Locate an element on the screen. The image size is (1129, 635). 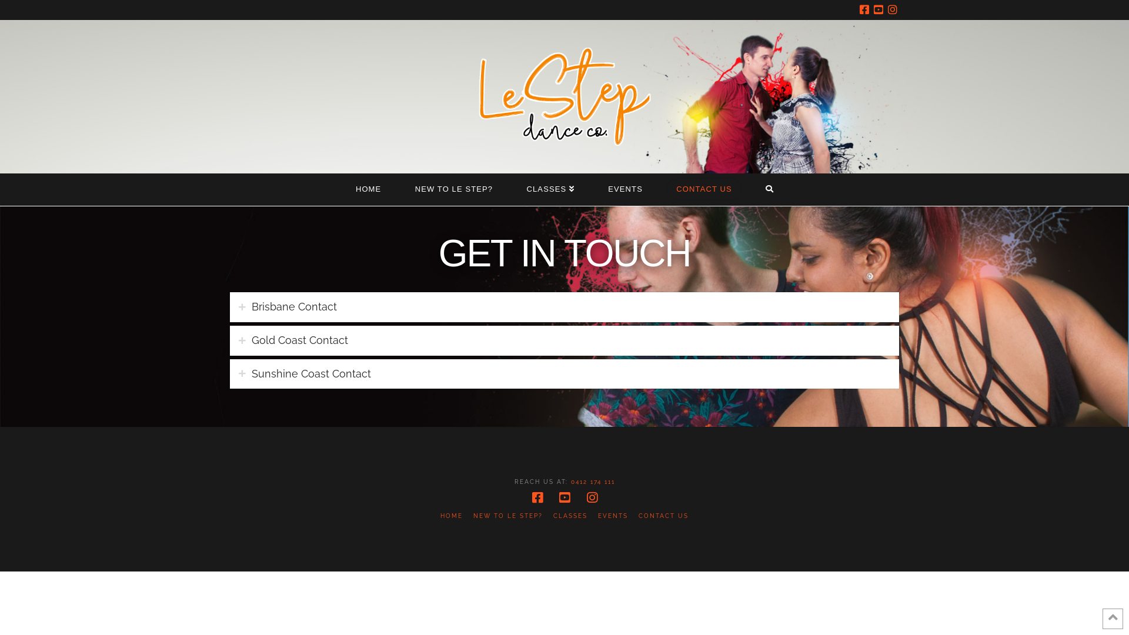
'Instagram' is located at coordinates (587, 497).